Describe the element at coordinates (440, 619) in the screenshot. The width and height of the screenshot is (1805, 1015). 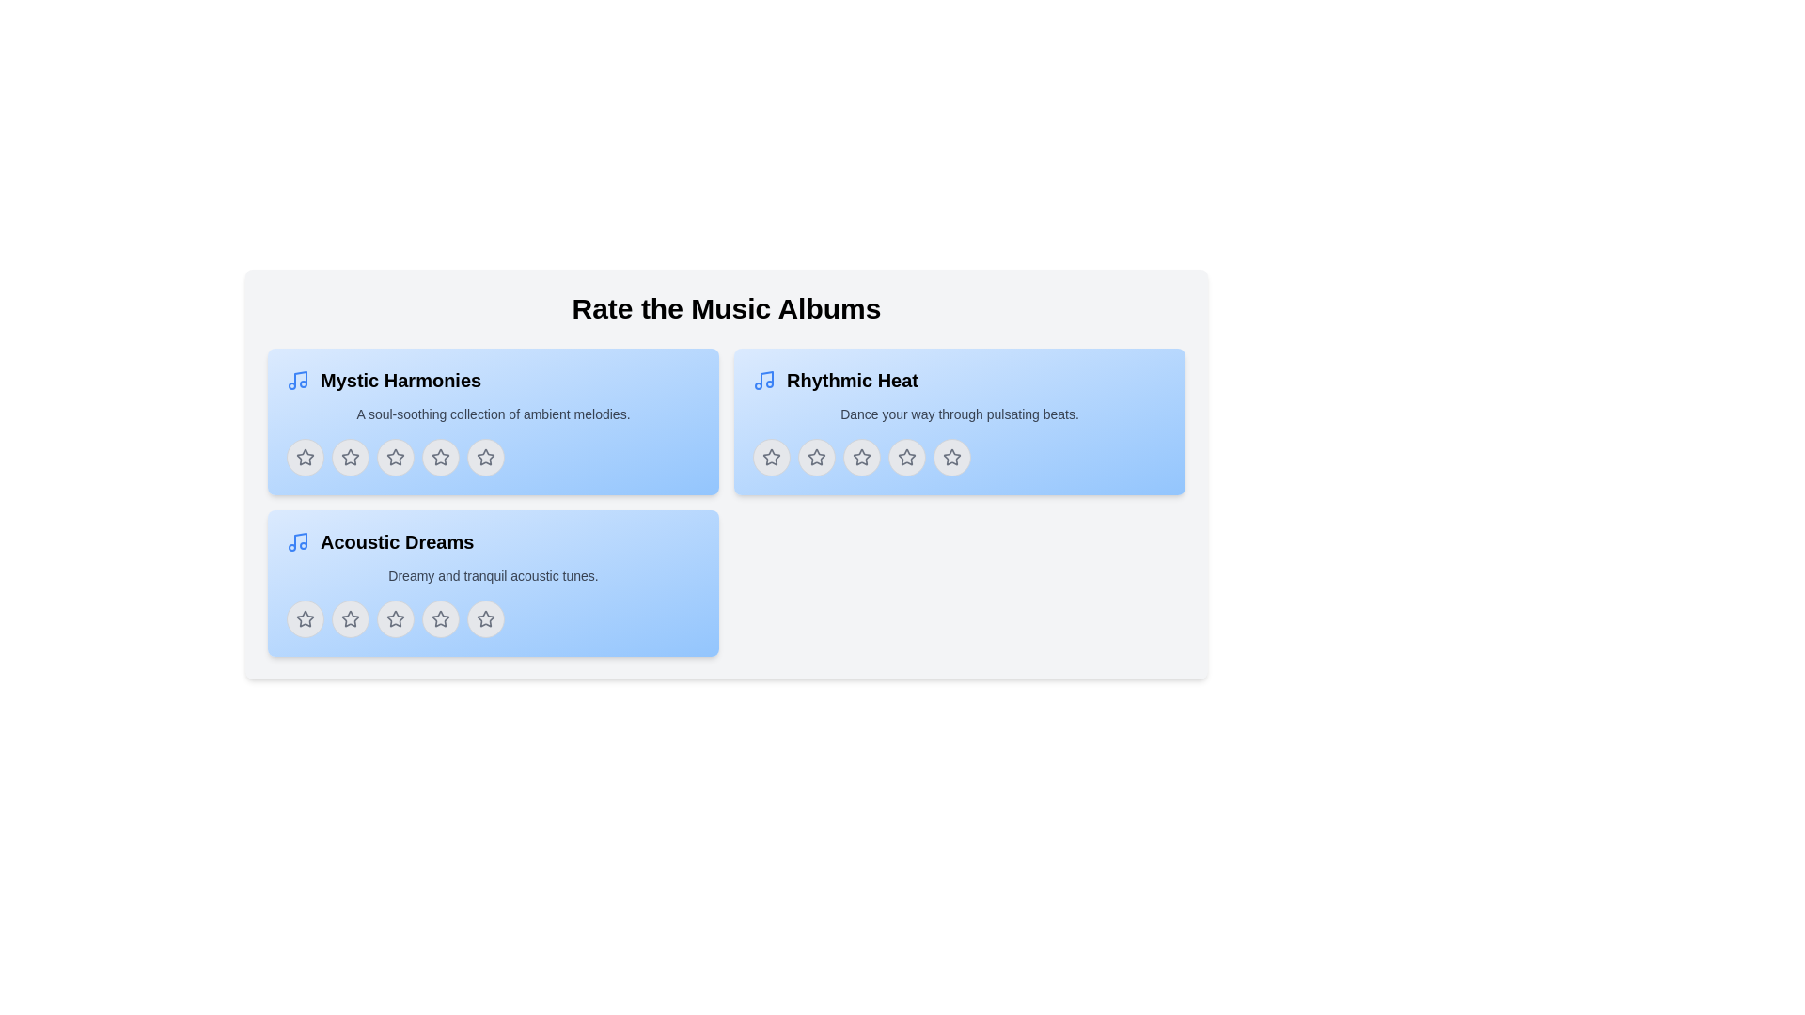
I see `the fifth star icon in the rating component for the 'Acoustic Dreams' album` at that location.